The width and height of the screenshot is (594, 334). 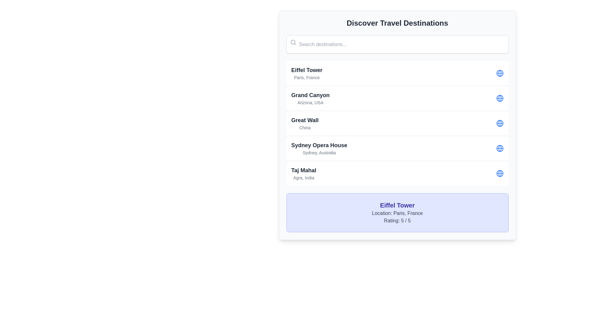 What do you see at coordinates (305, 120) in the screenshot?
I see `text content of the bold 'Great Wall' label, which is dark gray and positioned above the subtext 'China' in the middle of the list panel` at bounding box center [305, 120].